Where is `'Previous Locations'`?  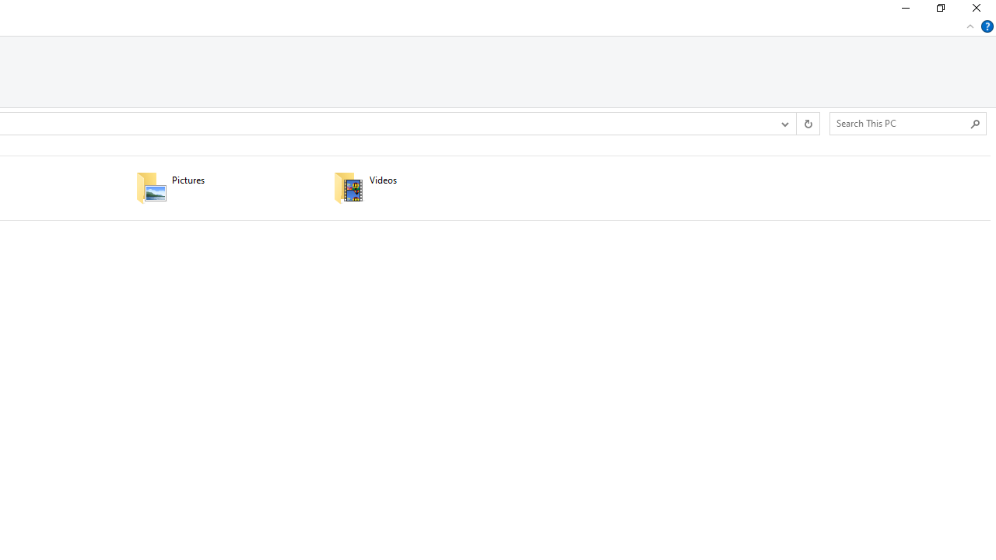 'Previous Locations' is located at coordinates (784, 123).